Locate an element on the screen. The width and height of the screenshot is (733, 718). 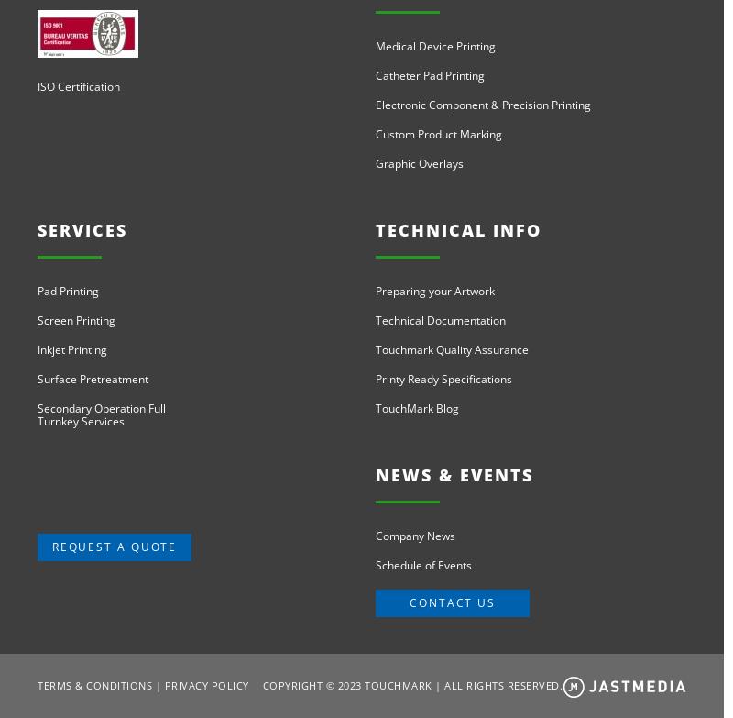
'Catheter Pad Printing' is located at coordinates (375, 75).